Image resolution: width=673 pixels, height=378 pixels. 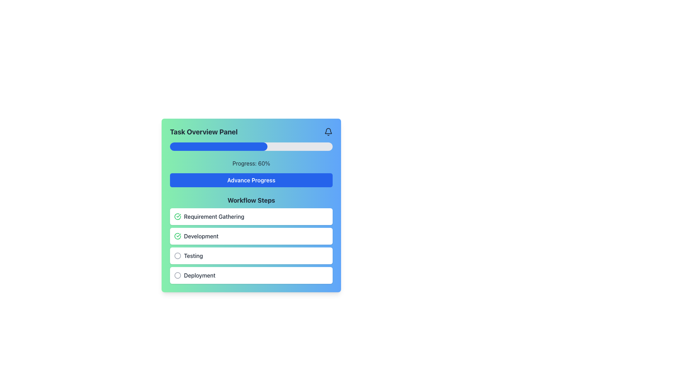 I want to click on the status of the second item in the 'Workflow Steps' section, which is the progress step indicator for 'Development' with a green checkmark icon, so click(x=251, y=236).